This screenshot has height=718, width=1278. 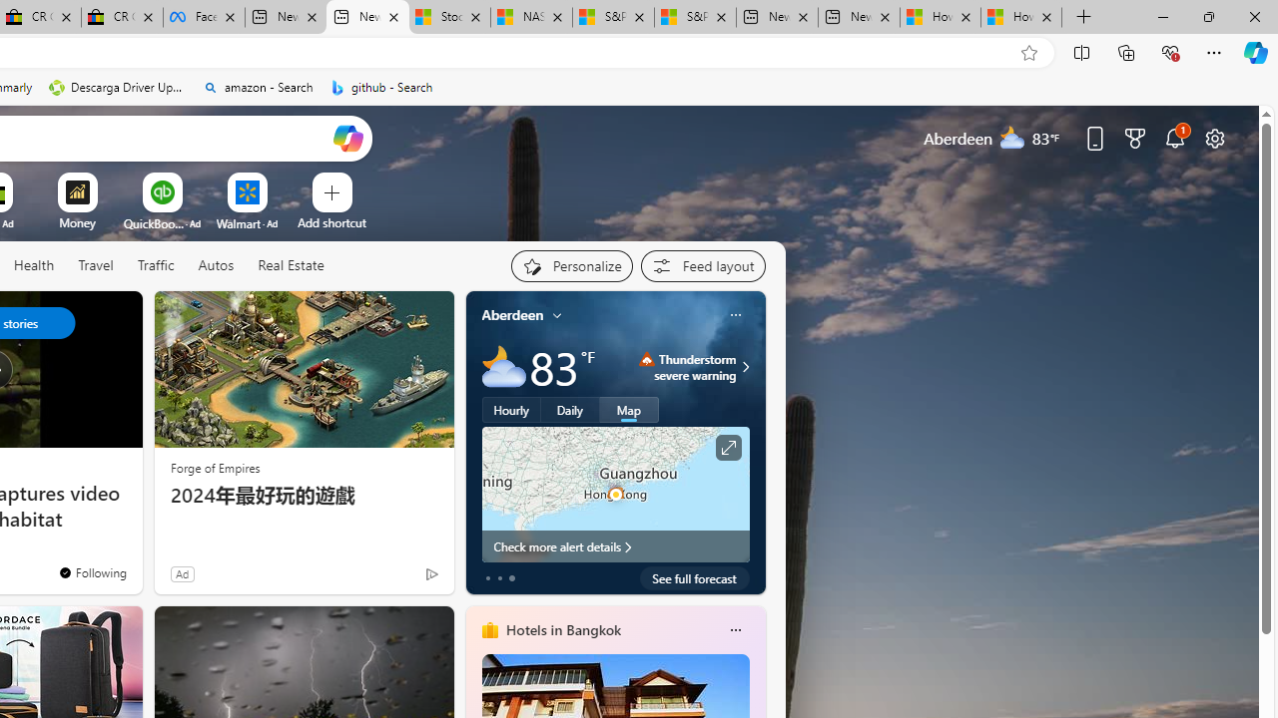 What do you see at coordinates (703, 265) in the screenshot?
I see `'Feed settings'` at bounding box center [703, 265].